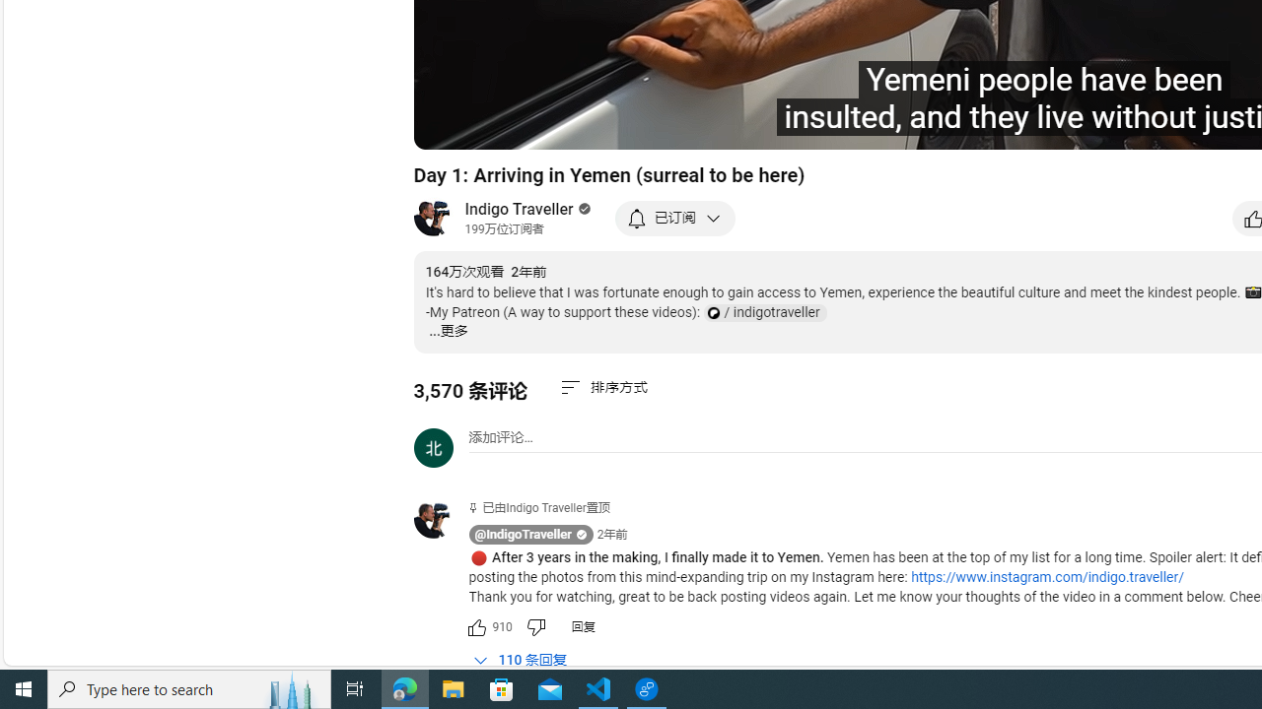 The width and height of the screenshot is (1262, 709). I want to click on 'AutomationID: simplebox-placeholder', so click(501, 436).